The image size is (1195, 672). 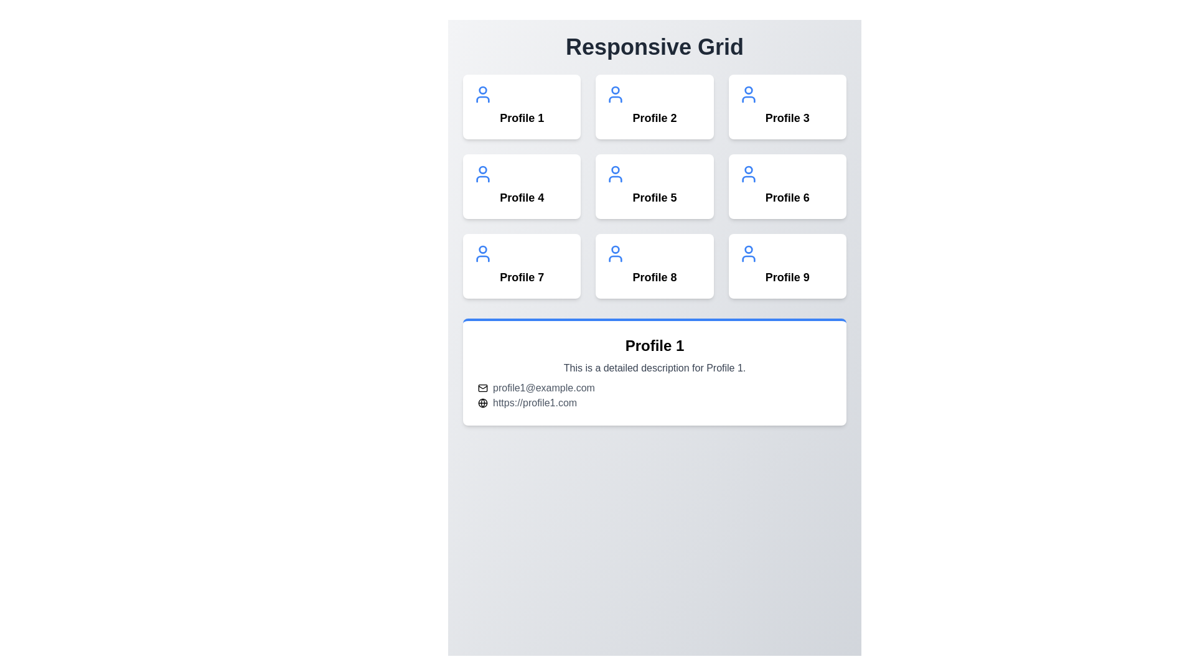 I want to click on the circular head of the user silhouette icon located in the 'Profile 6' tile, which is positioned in the second row and third column of the 3x3 grid layout, so click(x=747, y=170).